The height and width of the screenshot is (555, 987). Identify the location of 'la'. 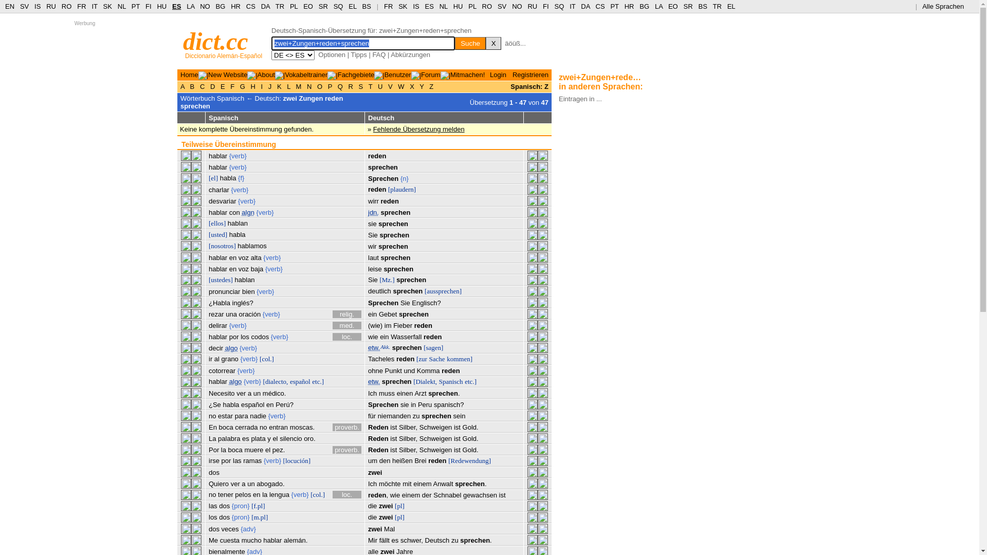
(264, 494).